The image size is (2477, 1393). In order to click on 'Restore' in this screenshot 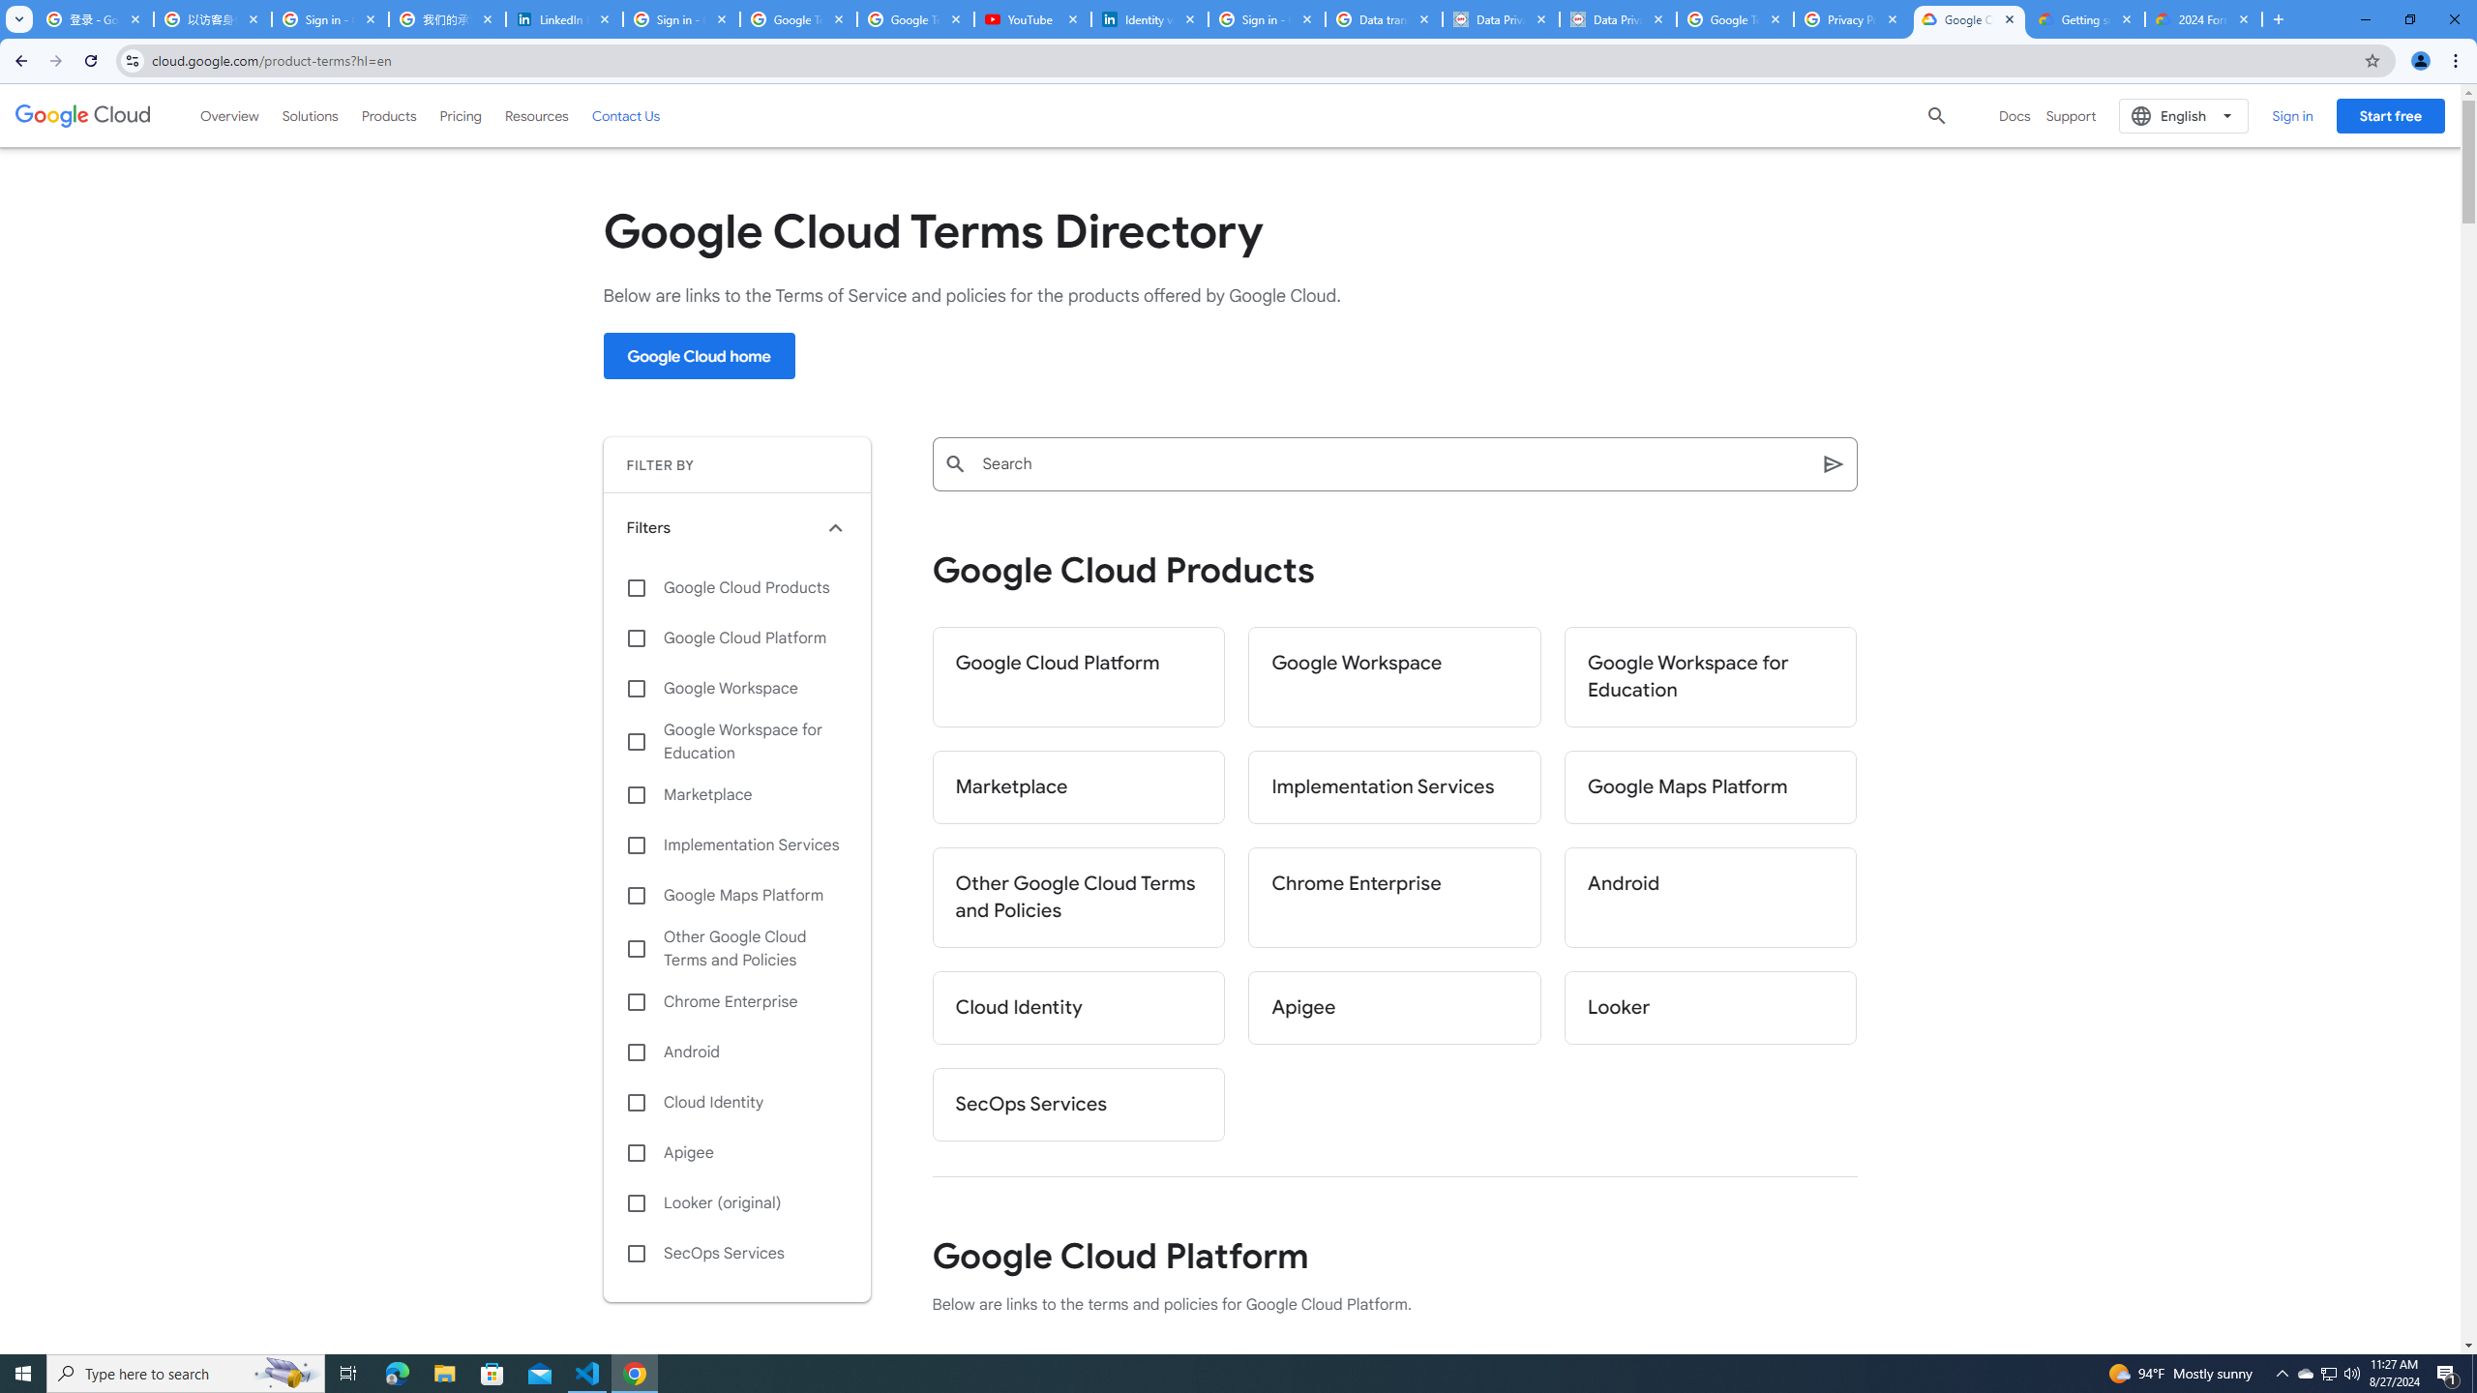, I will do `click(2409, 18)`.